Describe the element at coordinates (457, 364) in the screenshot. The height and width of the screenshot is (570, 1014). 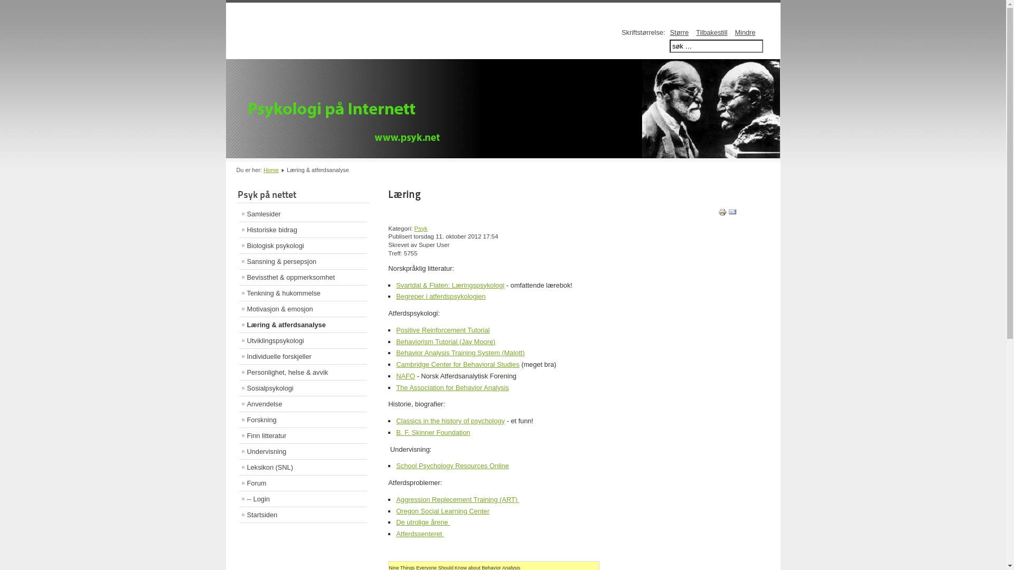
I see `'Cambridge Center for Behavioral Studies'` at that location.